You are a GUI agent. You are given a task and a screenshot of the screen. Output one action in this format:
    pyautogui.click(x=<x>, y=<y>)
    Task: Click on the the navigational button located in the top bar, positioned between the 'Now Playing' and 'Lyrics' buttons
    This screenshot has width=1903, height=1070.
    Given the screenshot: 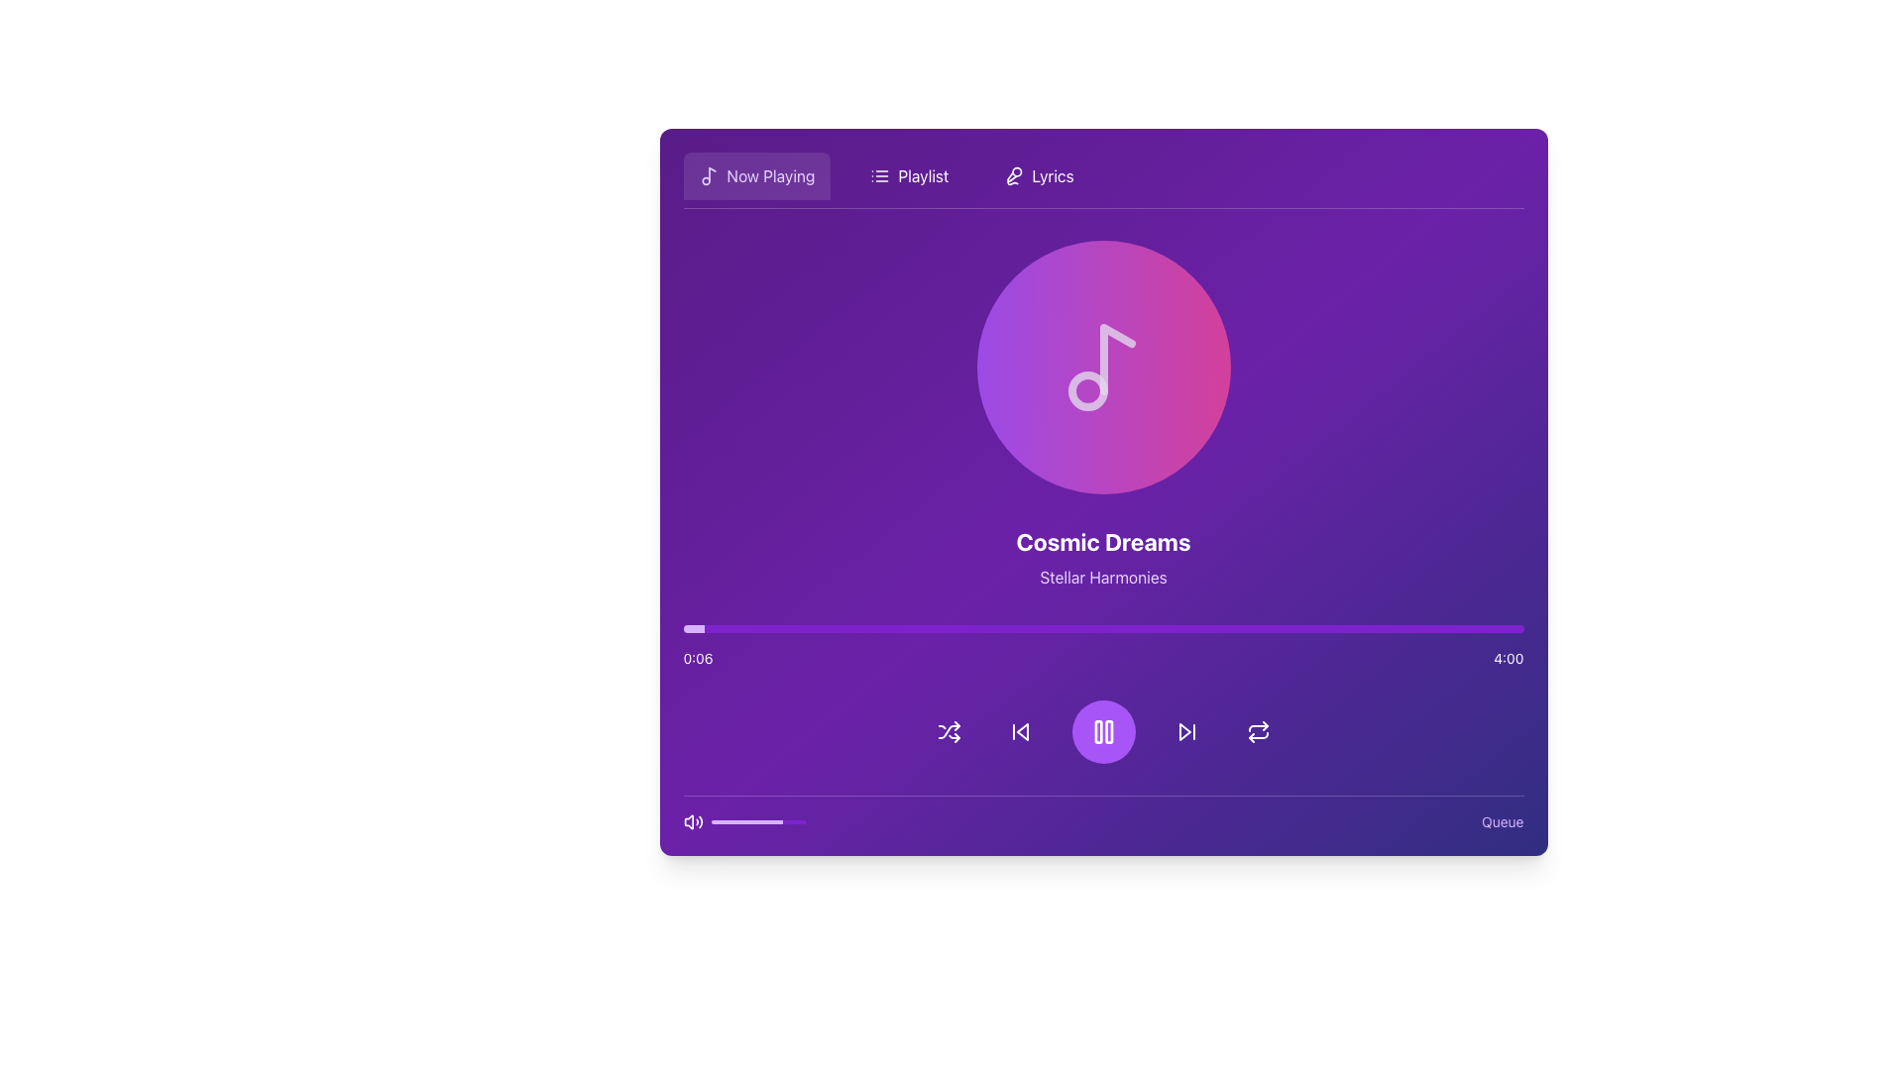 What is the action you would take?
    pyautogui.click(x=908, y=174)
    